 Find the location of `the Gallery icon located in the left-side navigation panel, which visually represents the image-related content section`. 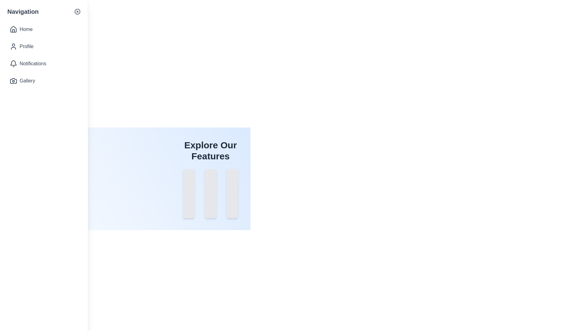

the Gallery icon located in the left-side navigation panel, which visually represents the image-related content section is located at coordinates (13, 80).